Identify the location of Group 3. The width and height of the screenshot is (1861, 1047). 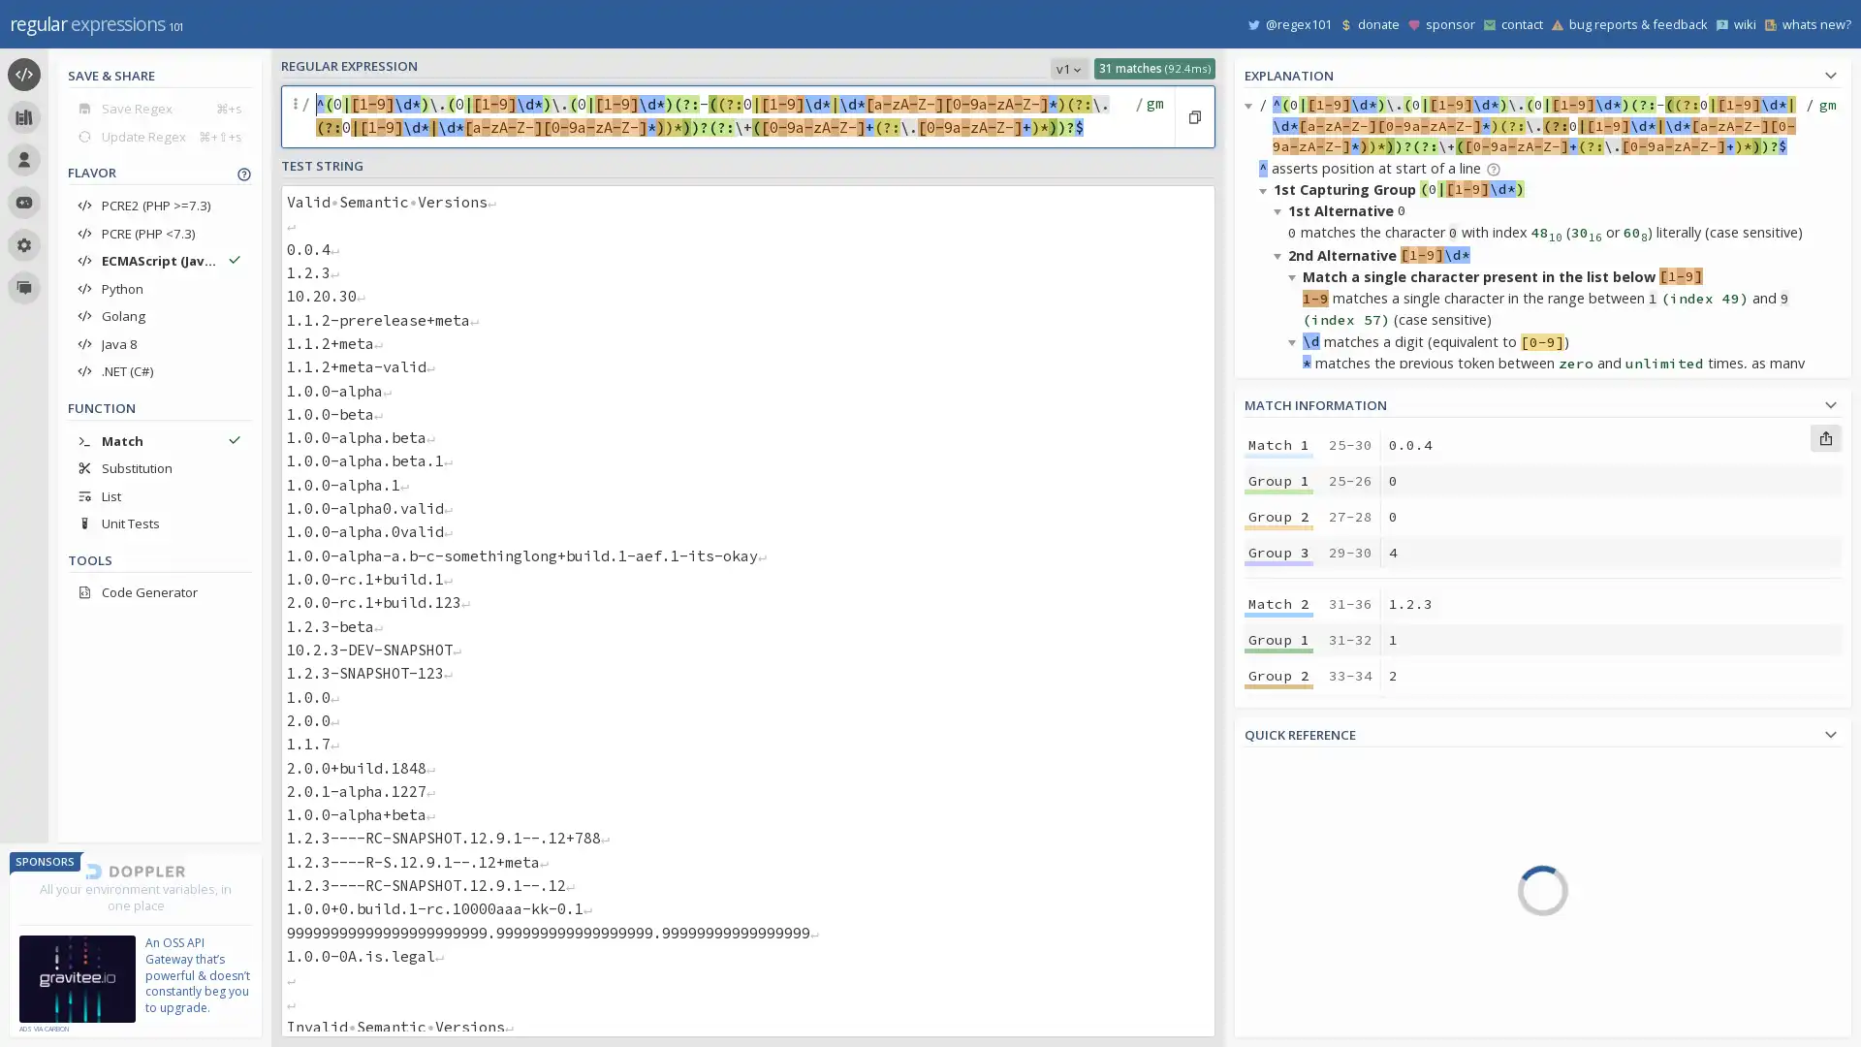
(1278, 1028).